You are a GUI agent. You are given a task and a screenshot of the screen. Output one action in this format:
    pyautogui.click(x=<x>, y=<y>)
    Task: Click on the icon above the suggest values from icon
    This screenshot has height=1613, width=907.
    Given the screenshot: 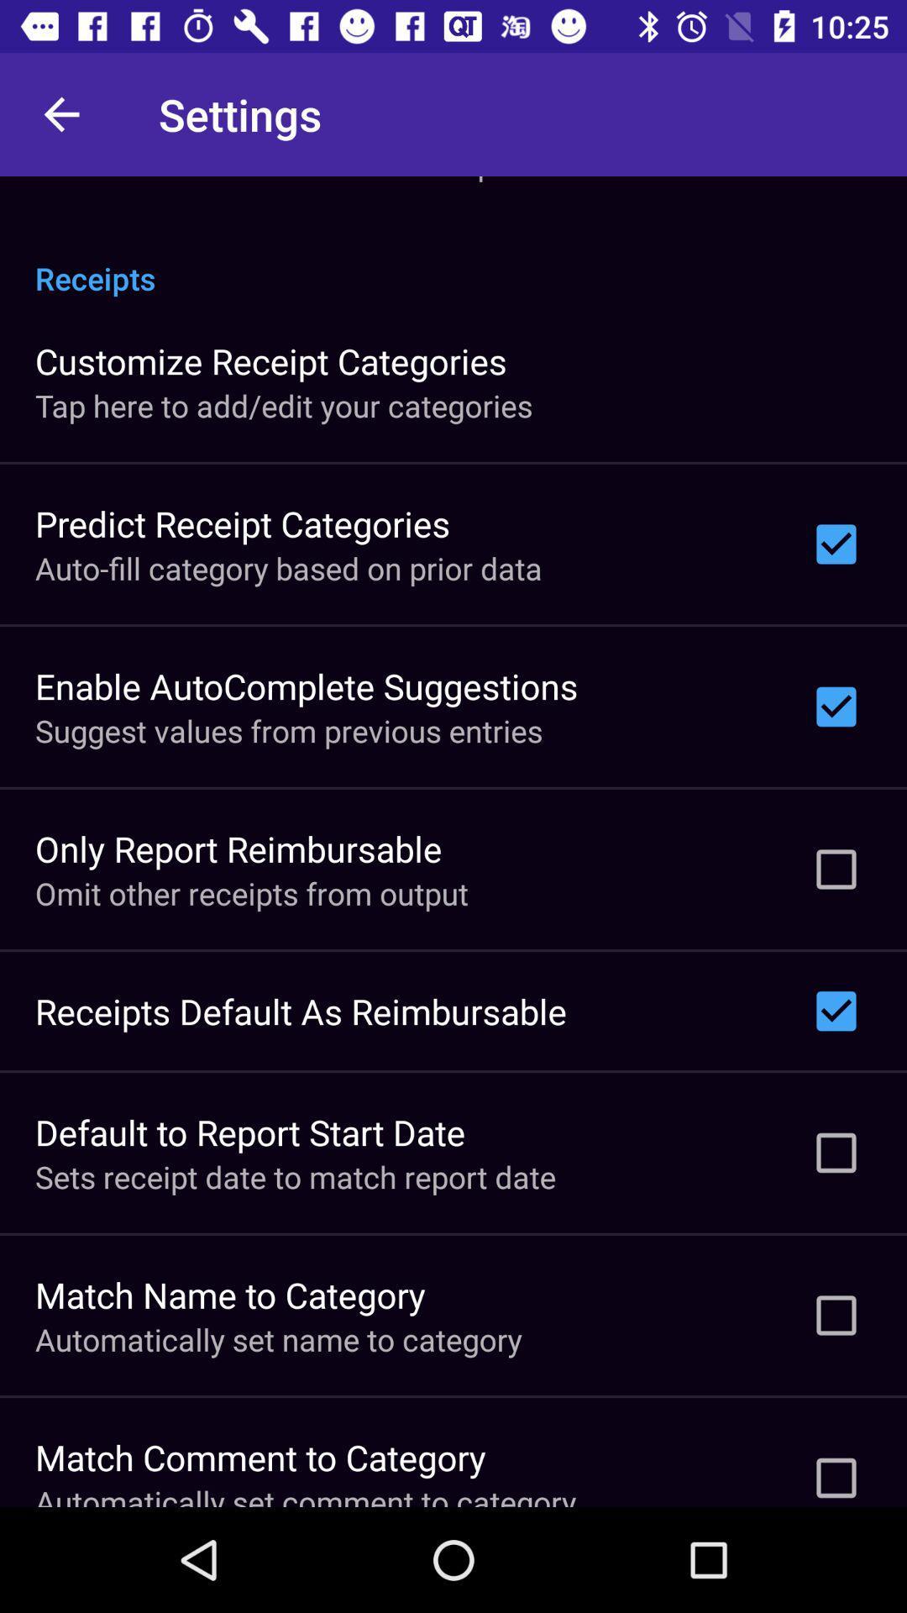 What is the action you would take?
    pyautogui.click(x=307, y=686)
    